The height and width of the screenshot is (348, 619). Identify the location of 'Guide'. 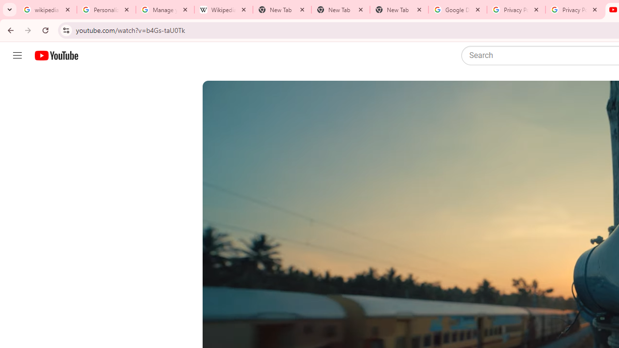
(17, 56).